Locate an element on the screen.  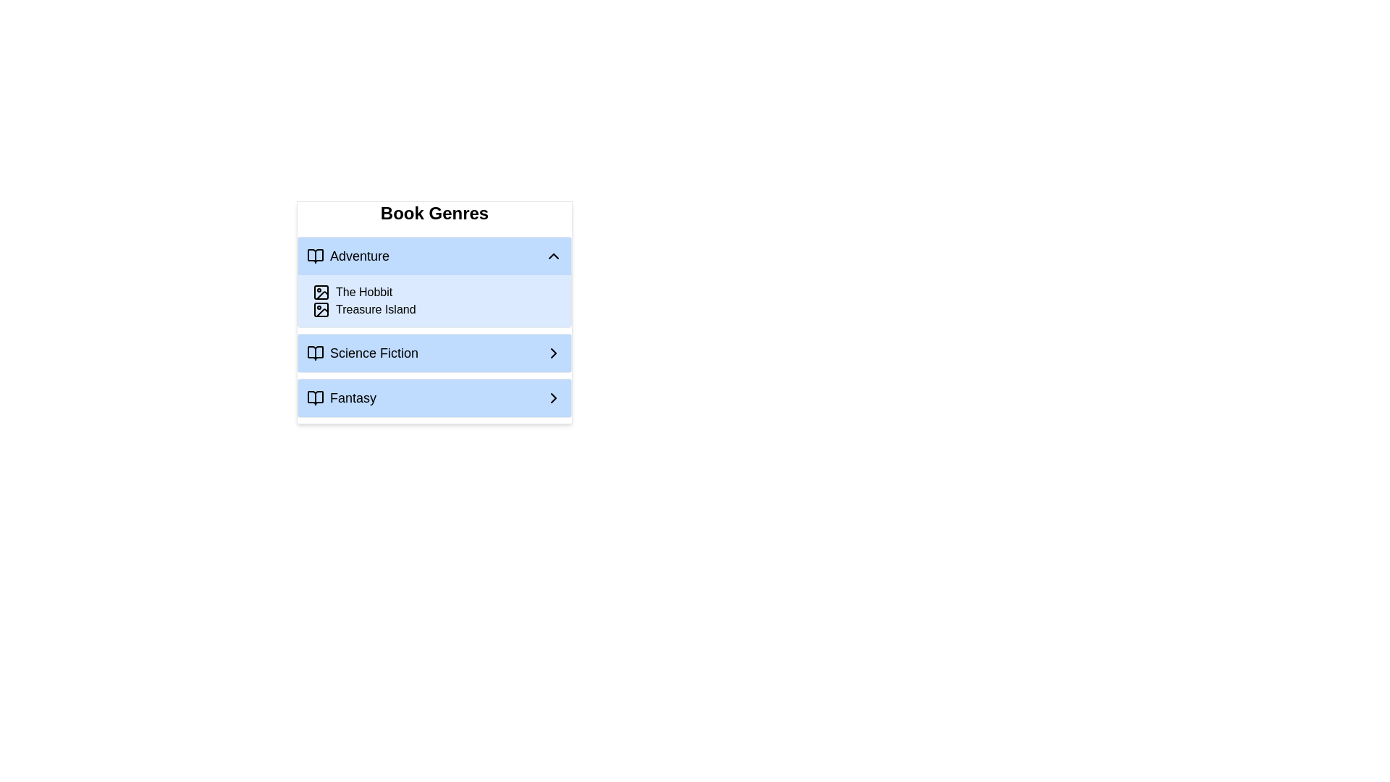
the right-facing chevron arrow icon associated with the 'Science Fiction' genre is located at coordinates (552, 398).